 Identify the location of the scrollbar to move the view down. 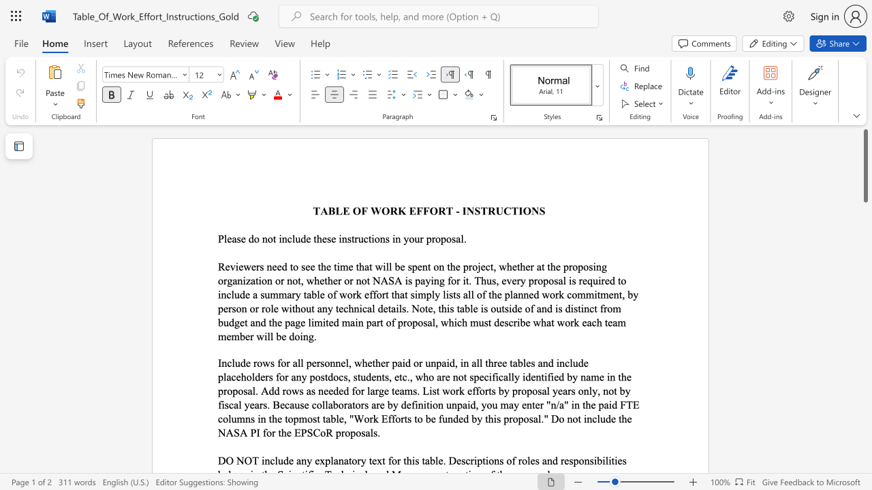
(865, 381).